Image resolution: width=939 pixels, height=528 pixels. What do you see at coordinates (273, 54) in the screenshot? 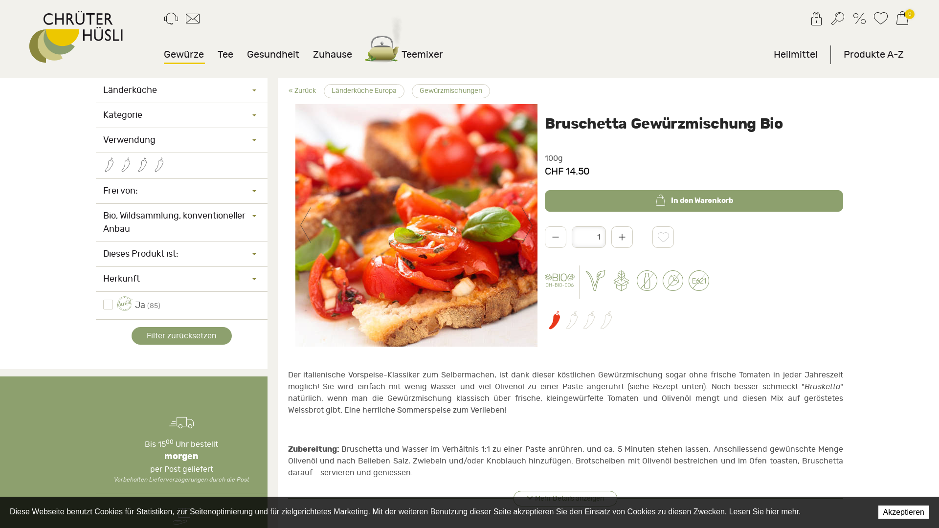
I see `'Gesundheit'` at bounding box center [273, 54].